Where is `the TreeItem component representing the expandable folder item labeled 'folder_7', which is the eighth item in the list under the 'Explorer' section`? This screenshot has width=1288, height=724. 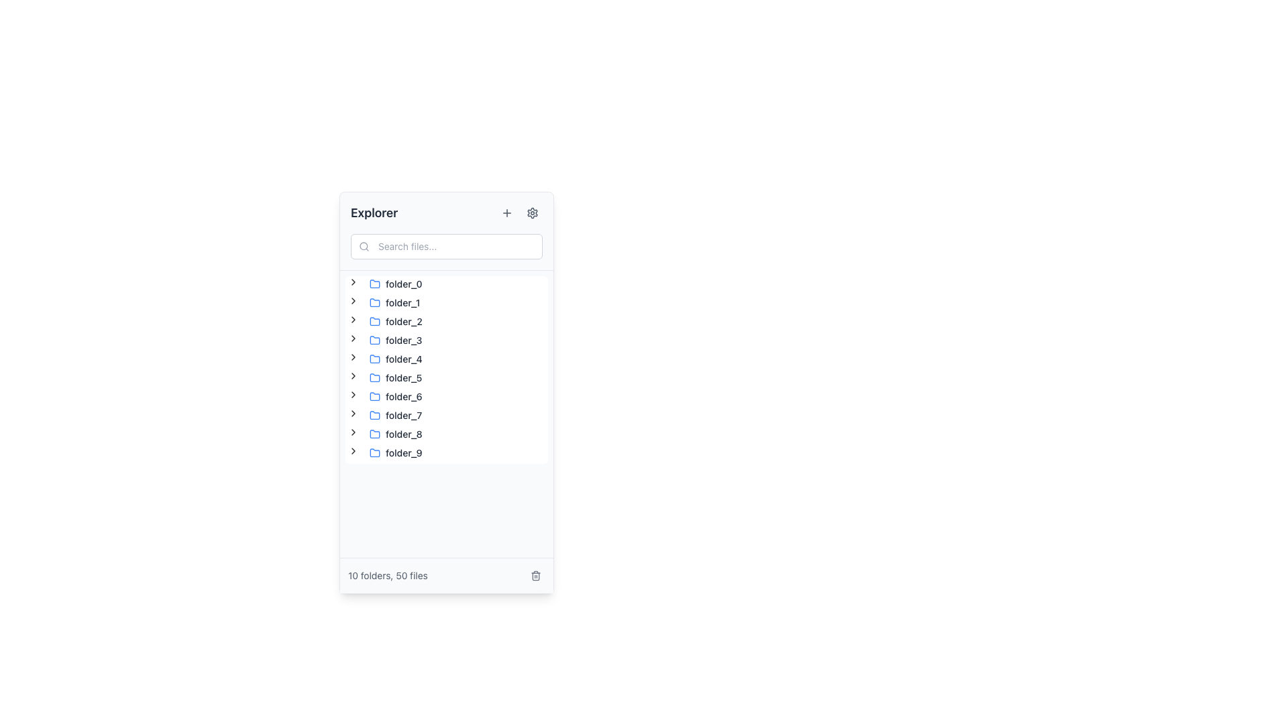 the TreeItem component representing the expandable folder item labeled 'folder_7', which is the eighth item in the list under the 'Explorer' section is located at coordinates (386, 415).